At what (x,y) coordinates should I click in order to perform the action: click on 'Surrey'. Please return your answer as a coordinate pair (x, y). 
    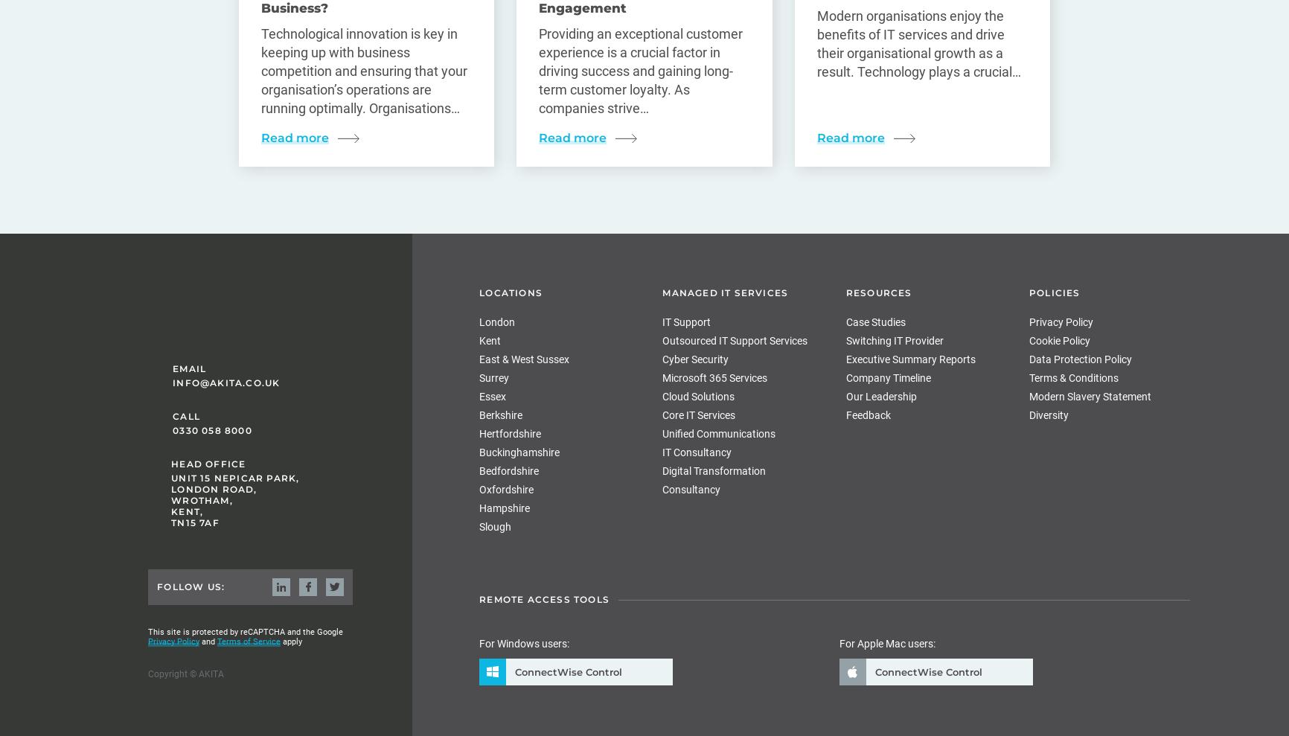
    Looking at the image, I should click on (493, 378).